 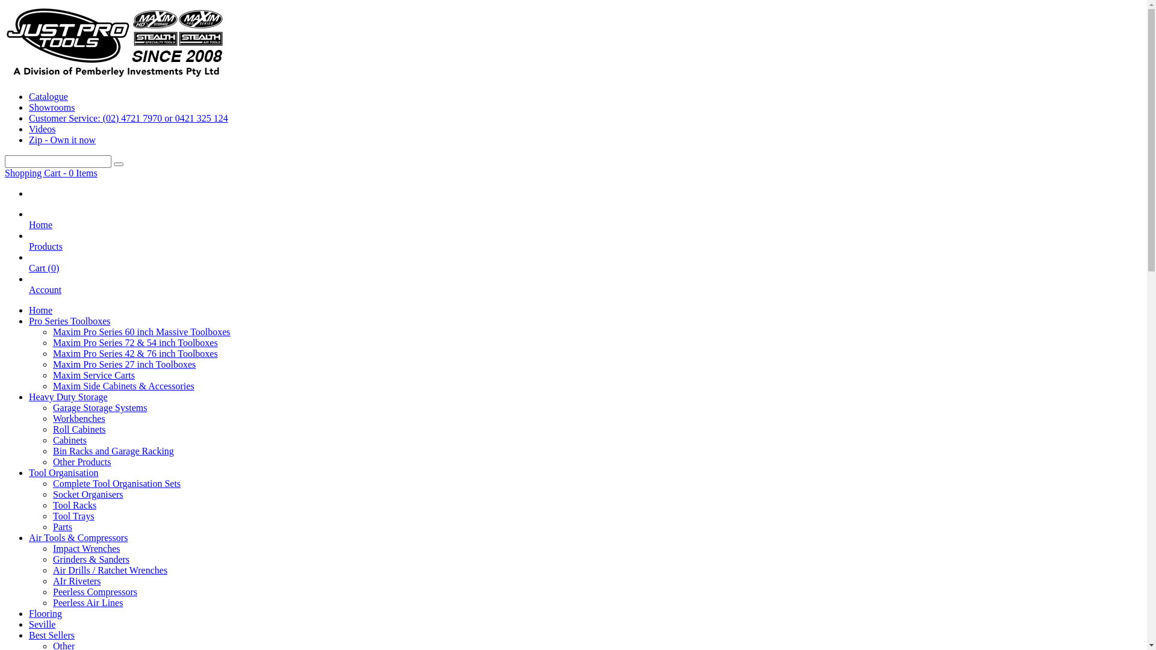 I want to click on 'Air Tools & Compressors', so click(x=77, y=537).